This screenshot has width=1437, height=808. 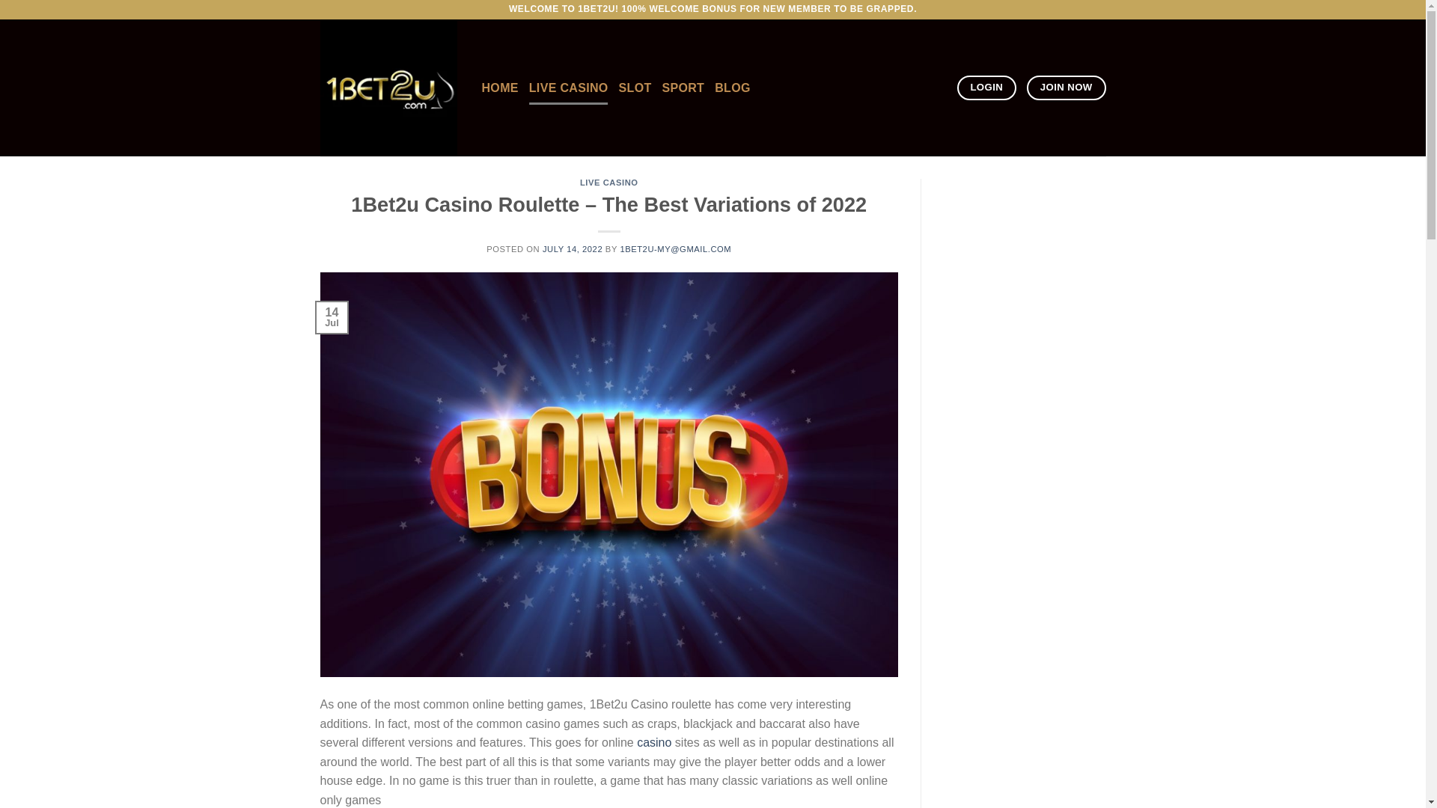 What do you see at coordinates (733, 88) in the screenshot?
I see `'BLOG'` at bounding box center [733, 88].